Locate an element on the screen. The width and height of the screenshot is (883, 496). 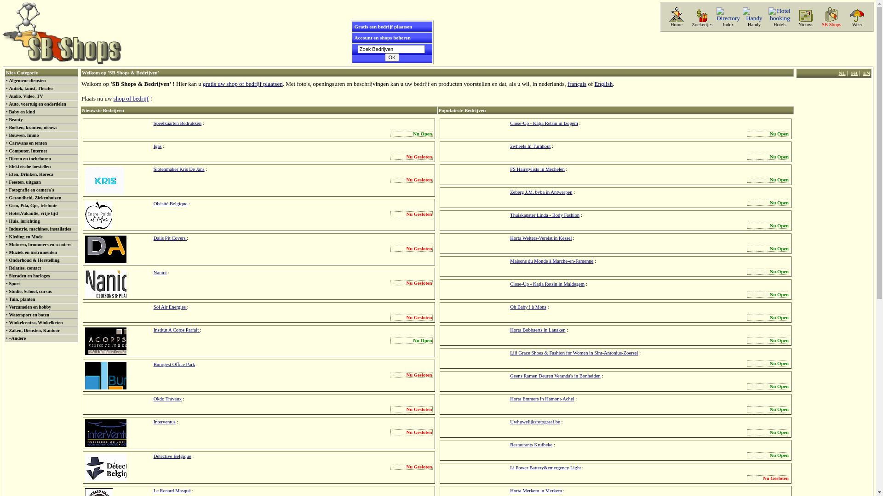
'Beauty' is located at coordinates (15, 119).